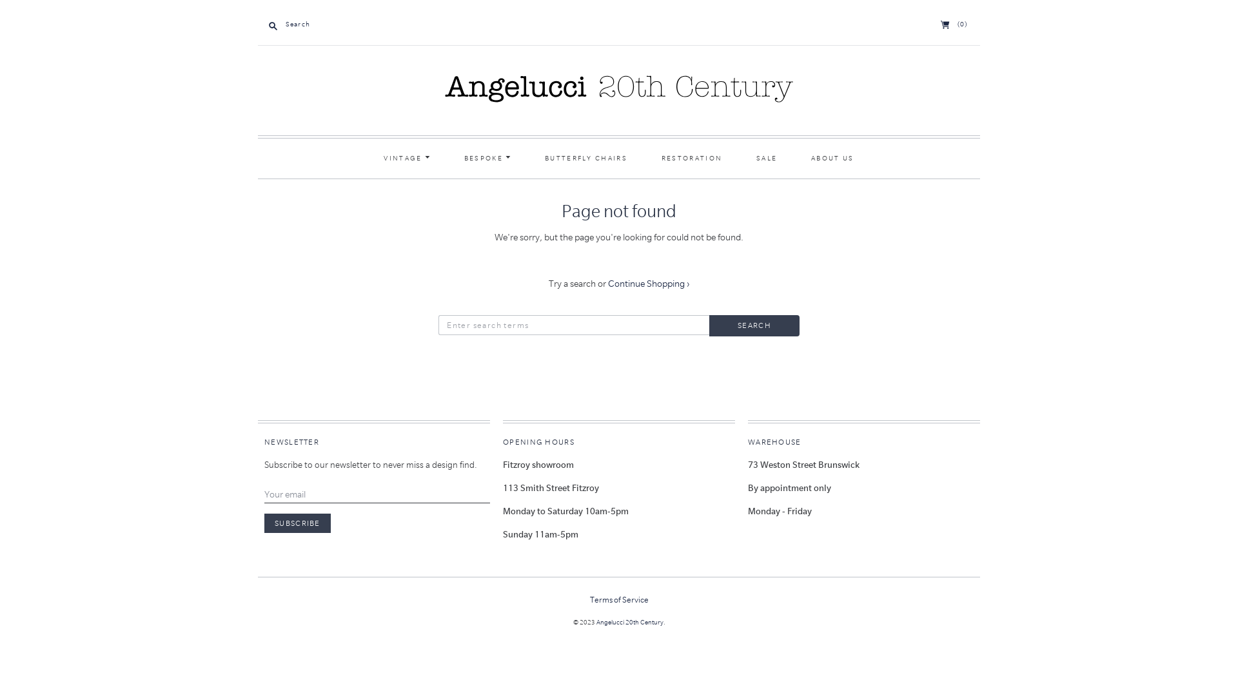 The image size is (1238, 696). I want to click on 'RESTORATION', so click(691, 157).